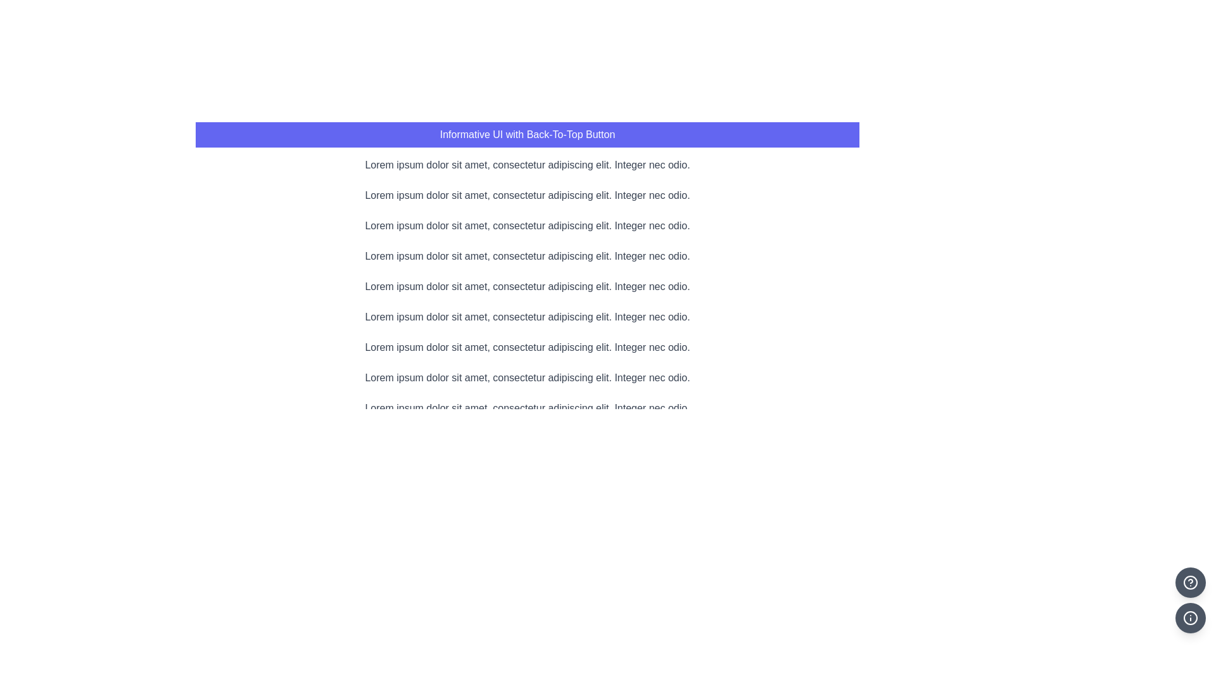 The width and height of the screenshot is (1216, 684). Describe the element at coordinates (528, 225) in the screenshot. I see `text displayed in the third item of a vertically arranged sequence of text entries, positioned between the second and fourth lines` at that location.